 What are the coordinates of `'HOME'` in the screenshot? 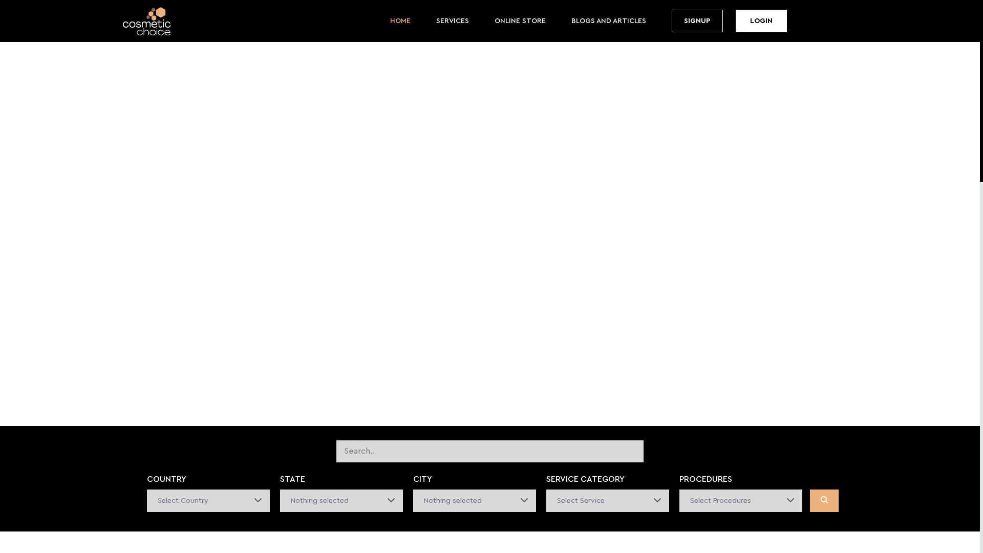 It's located at (390, 21).